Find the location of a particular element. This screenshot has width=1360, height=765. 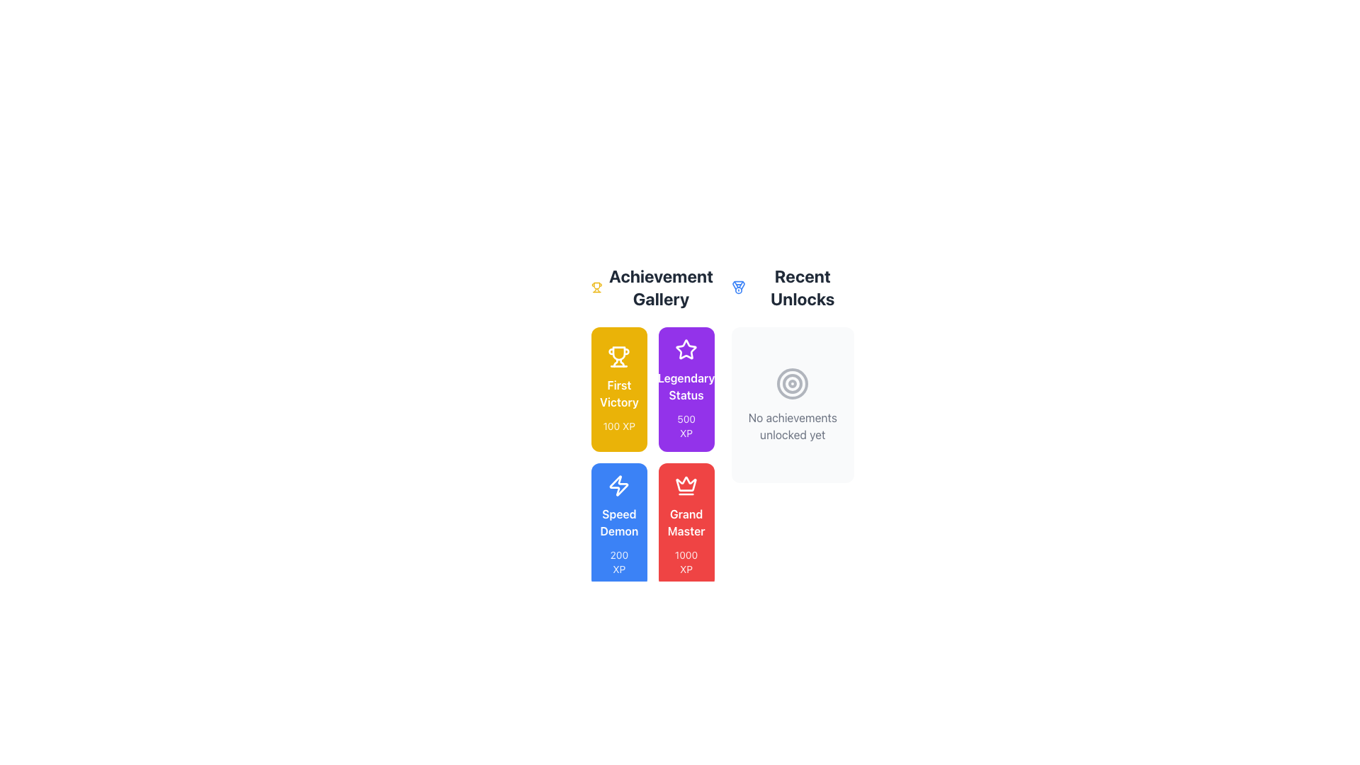

the Decorative Icon, which is a target-like icon with three concentric circles in gray tones, located in the 'Recent Unlocks' section above the text 'No achievements unlocked yet.' is located at coordinates (792, 384).